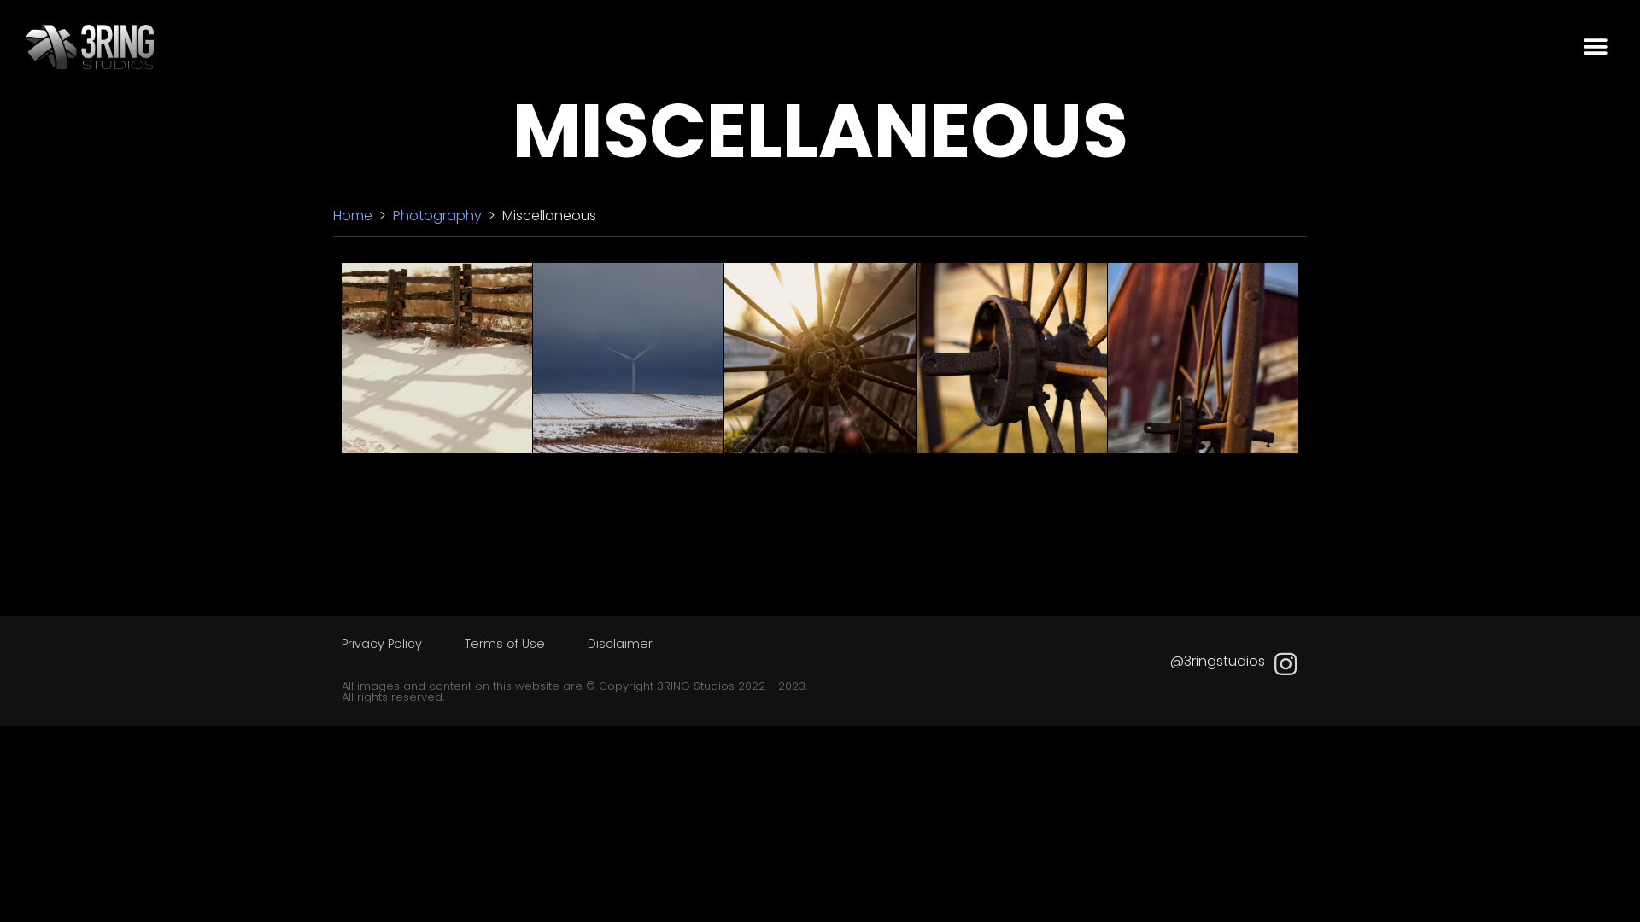  I want to click on 'Disclaimer', so click(618, 643).